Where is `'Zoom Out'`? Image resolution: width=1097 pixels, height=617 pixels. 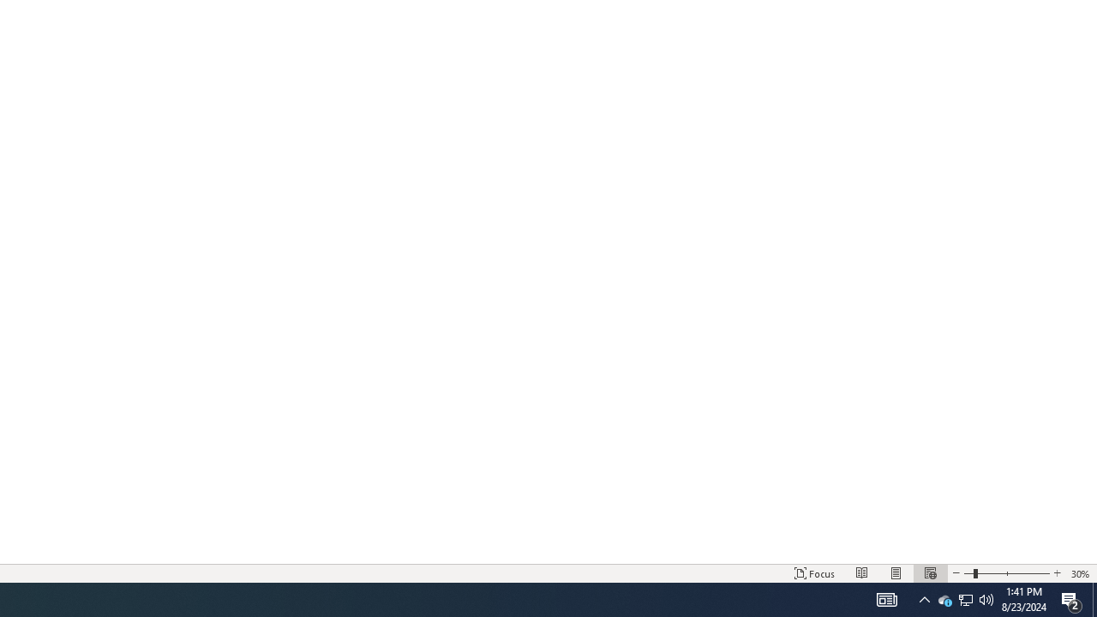
'Zoom Out' is located at coordinates (968, 573).